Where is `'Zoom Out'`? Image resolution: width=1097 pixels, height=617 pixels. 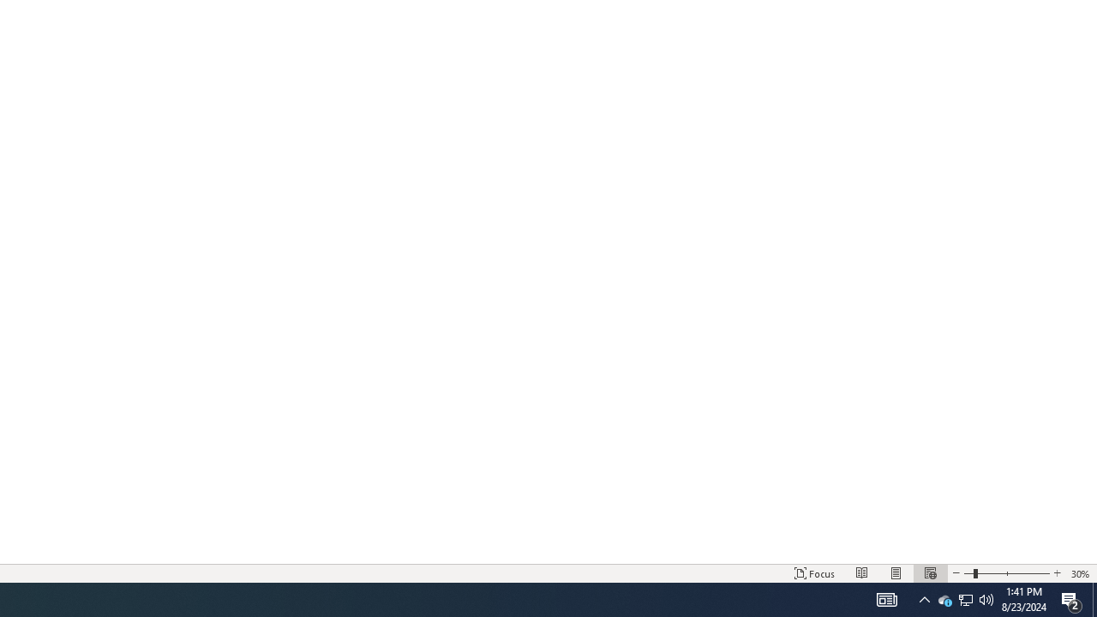
'Zoom Out' is located at coordinates (968, 573).